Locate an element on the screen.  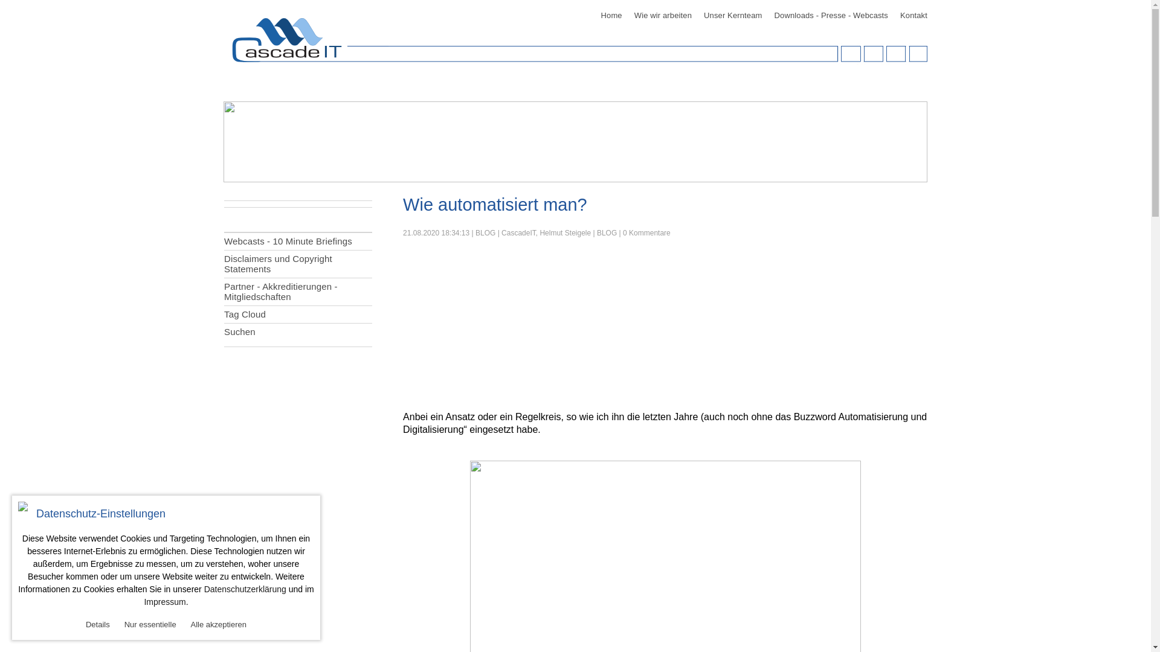
'Suchen' is located at coordinates (298, 331).